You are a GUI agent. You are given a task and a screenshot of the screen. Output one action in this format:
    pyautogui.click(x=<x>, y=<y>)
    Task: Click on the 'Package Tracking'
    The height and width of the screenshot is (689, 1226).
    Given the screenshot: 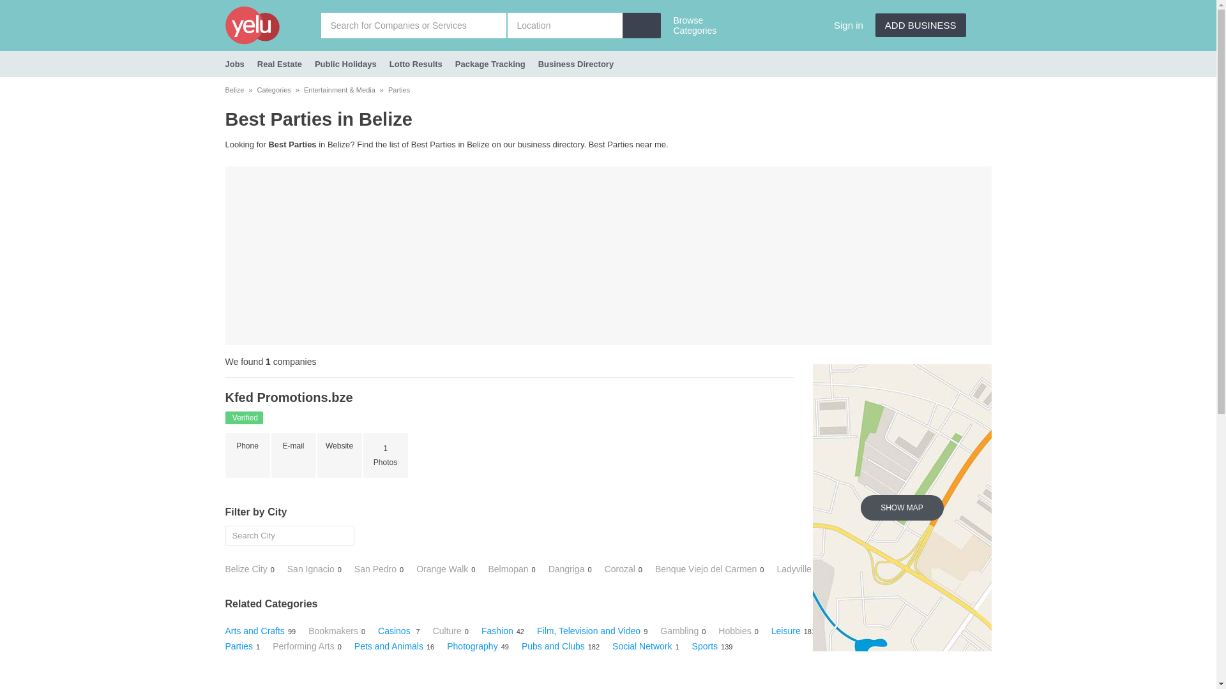 What is the action you would take?
    pyautogui.click(x=490, y=64)
    